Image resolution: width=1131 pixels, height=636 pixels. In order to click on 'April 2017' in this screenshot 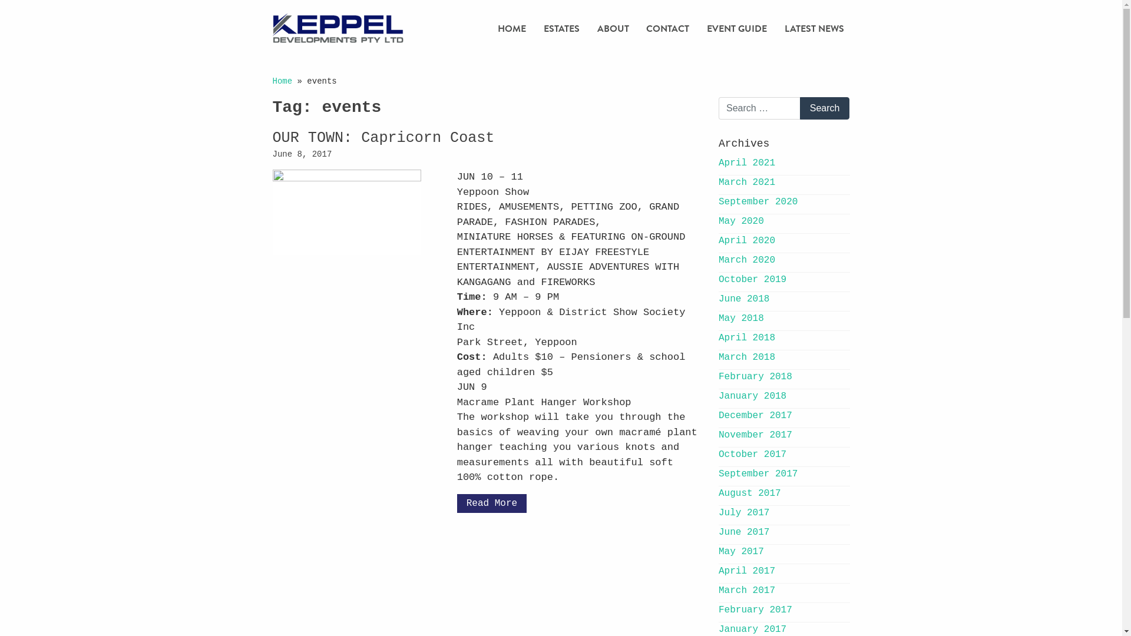, I will do `click(717, 570)`.